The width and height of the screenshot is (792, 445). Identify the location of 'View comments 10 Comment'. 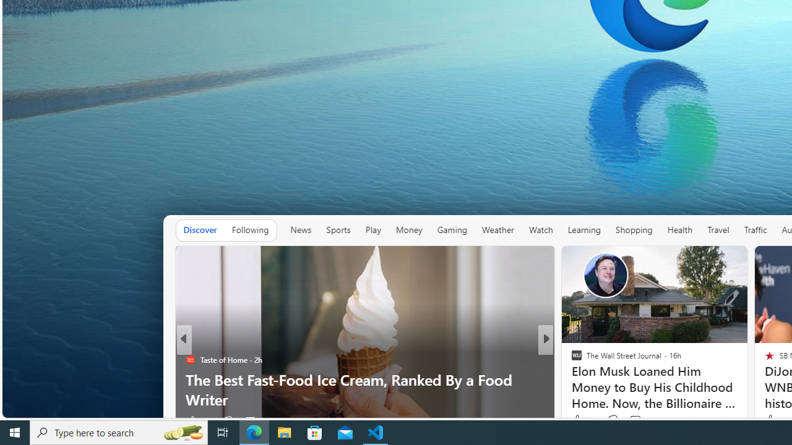
(633, 420).